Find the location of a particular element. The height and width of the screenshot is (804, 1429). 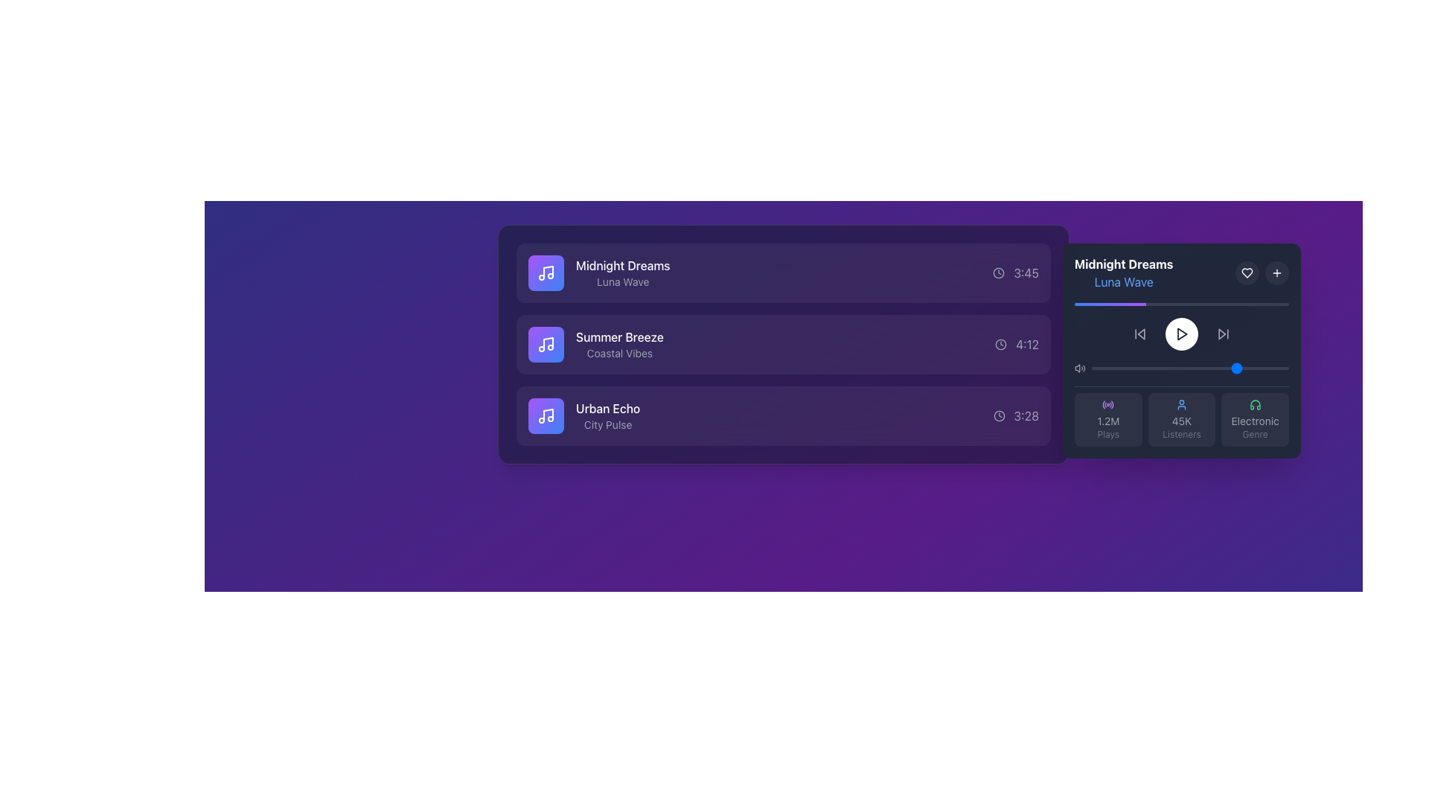

the rounded rectangular button with a gradient background and a white musical note icon, located at the left side of the row labeled 'Urban Echo' and 'City Pulse' is located at coordinates (546, 416).